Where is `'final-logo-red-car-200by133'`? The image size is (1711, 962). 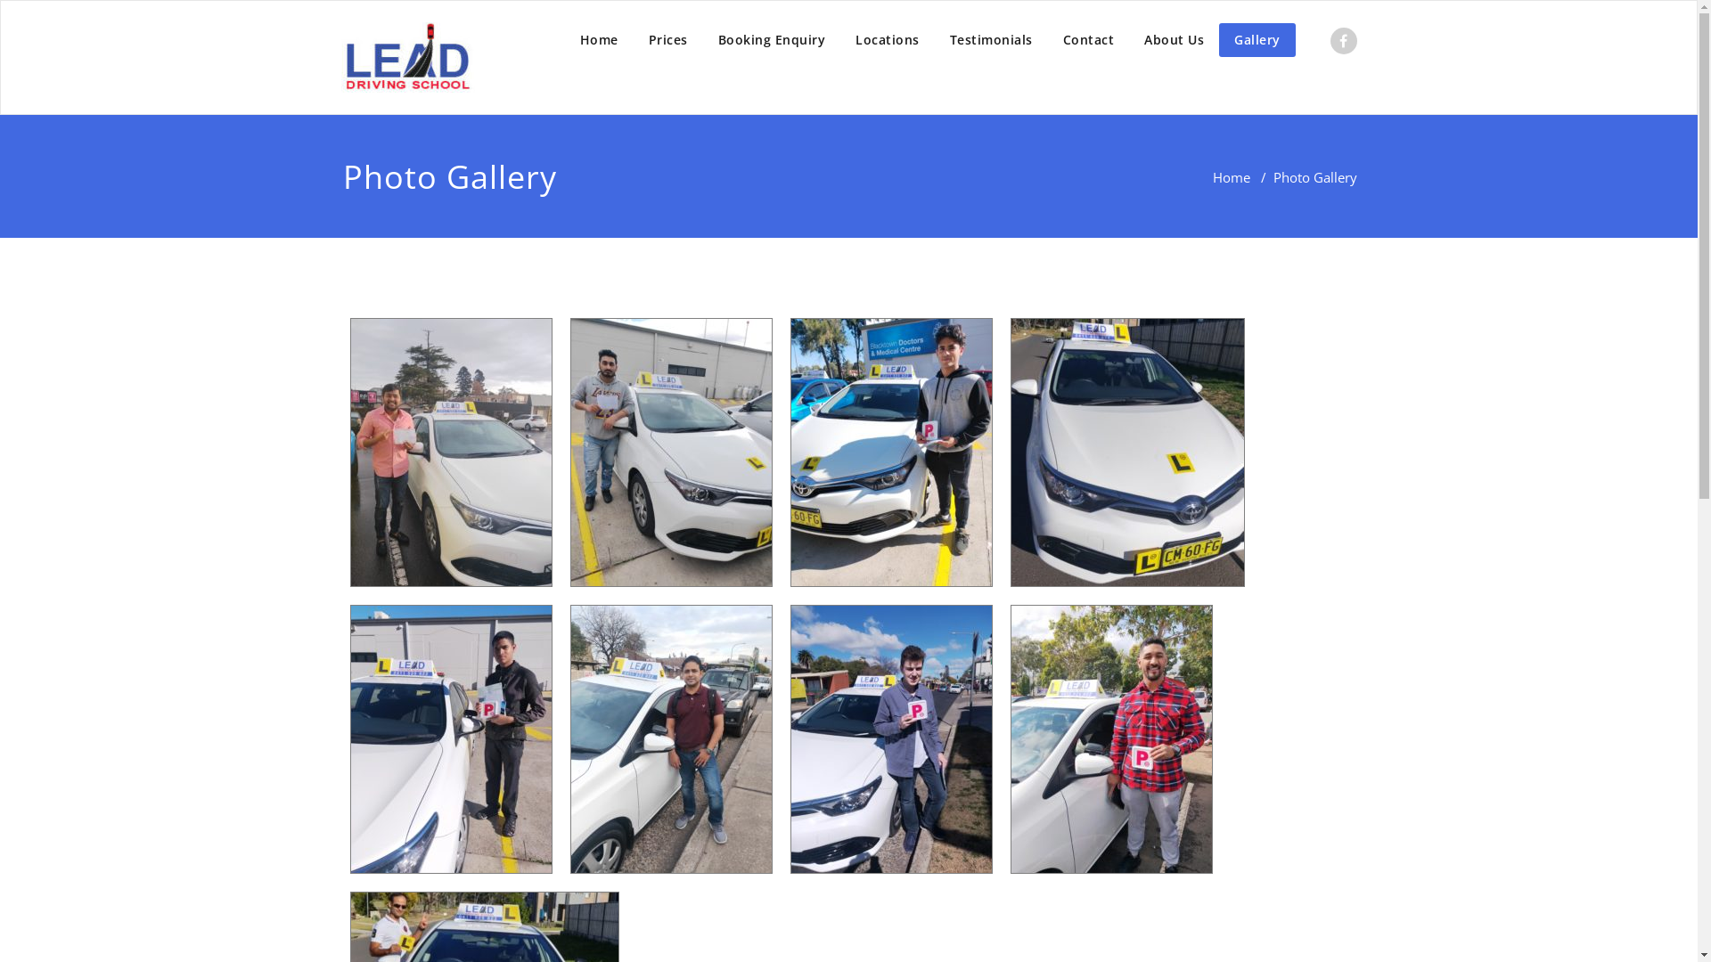
'final-logo-red-car-200by133' is located at coordinates (405, 56).